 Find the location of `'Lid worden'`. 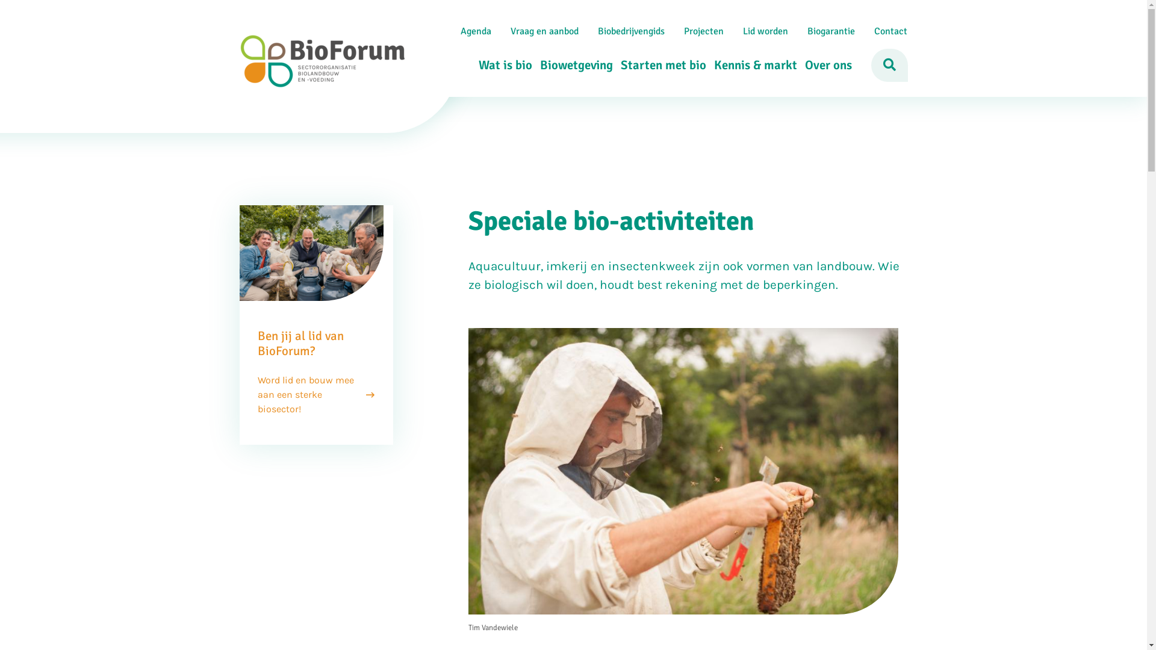

'Lid worden' is located at coordinates (733, 30).